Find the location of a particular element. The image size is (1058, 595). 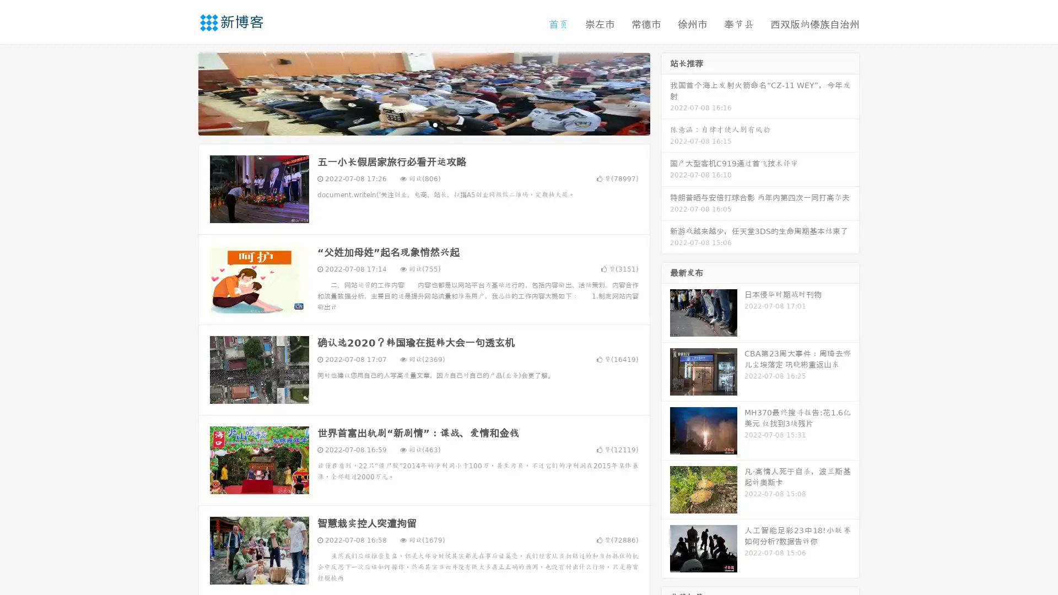

Go to slide 2 is located at coordinates (423, 124).